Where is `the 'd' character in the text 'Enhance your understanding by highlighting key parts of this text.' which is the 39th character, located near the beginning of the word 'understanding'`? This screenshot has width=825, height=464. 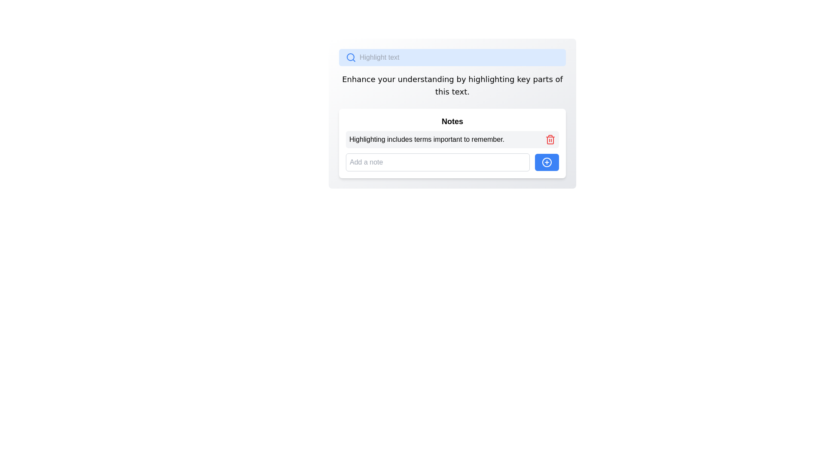
the 'd' character in the text 'Enhance your understanding by highlighting key parts of this text.' which is the 39th character, located near the beginning of the word 'understanding' is located at coordinates (440, 79).